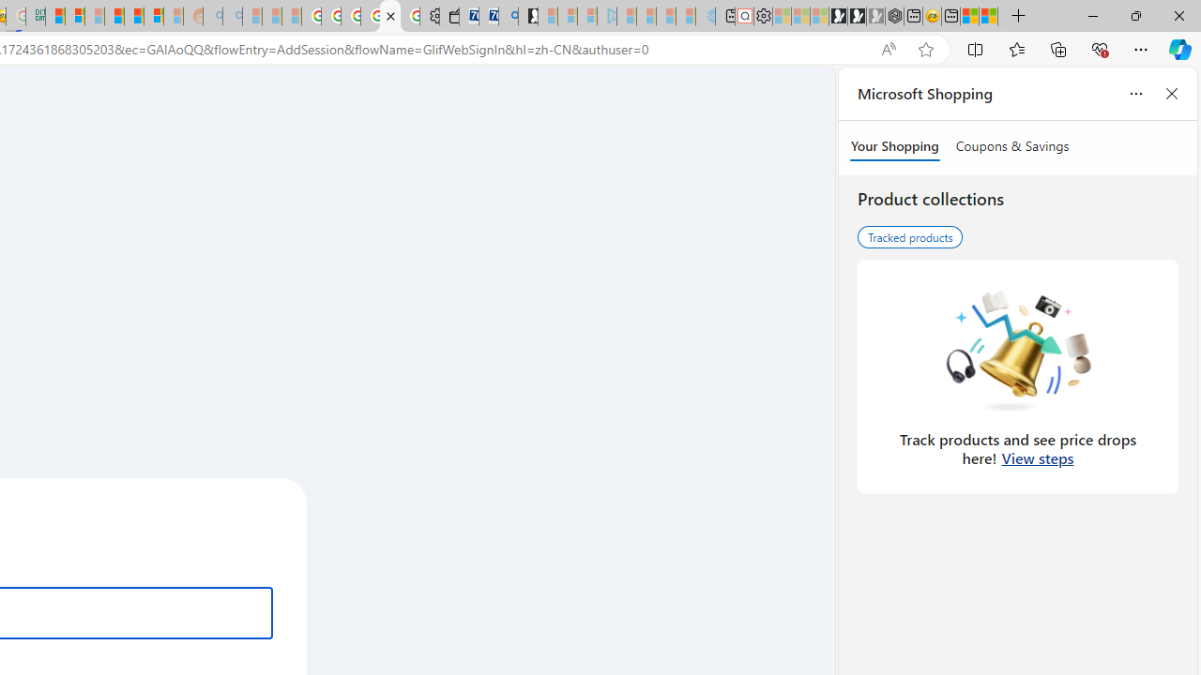 This screenshot has width=1201, height=675. What do you see at coordinates (509, 16) in the screenshot?
I see `'Bing Real Estate - Home sales and rental listings'` at bounding box center [509, 16].